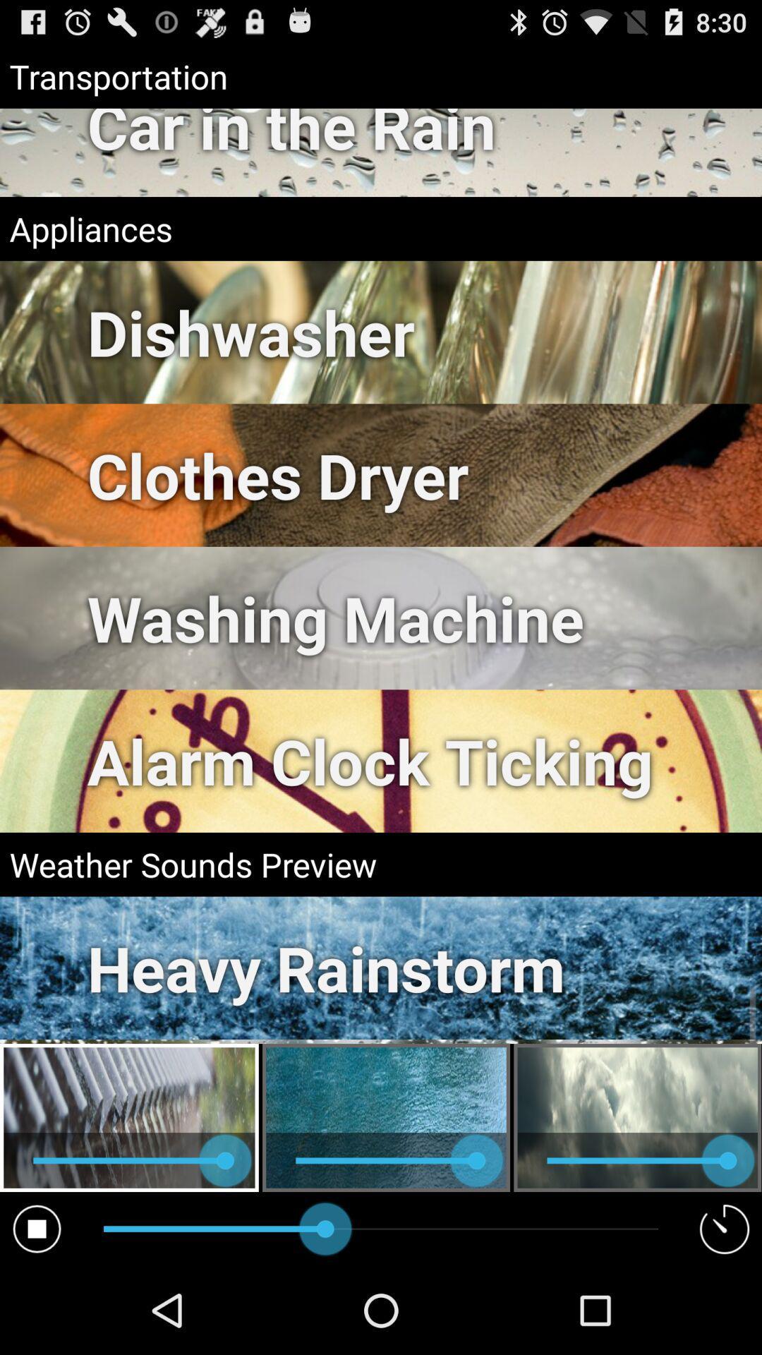  I want to click on the time icon, so click(725, 1314).